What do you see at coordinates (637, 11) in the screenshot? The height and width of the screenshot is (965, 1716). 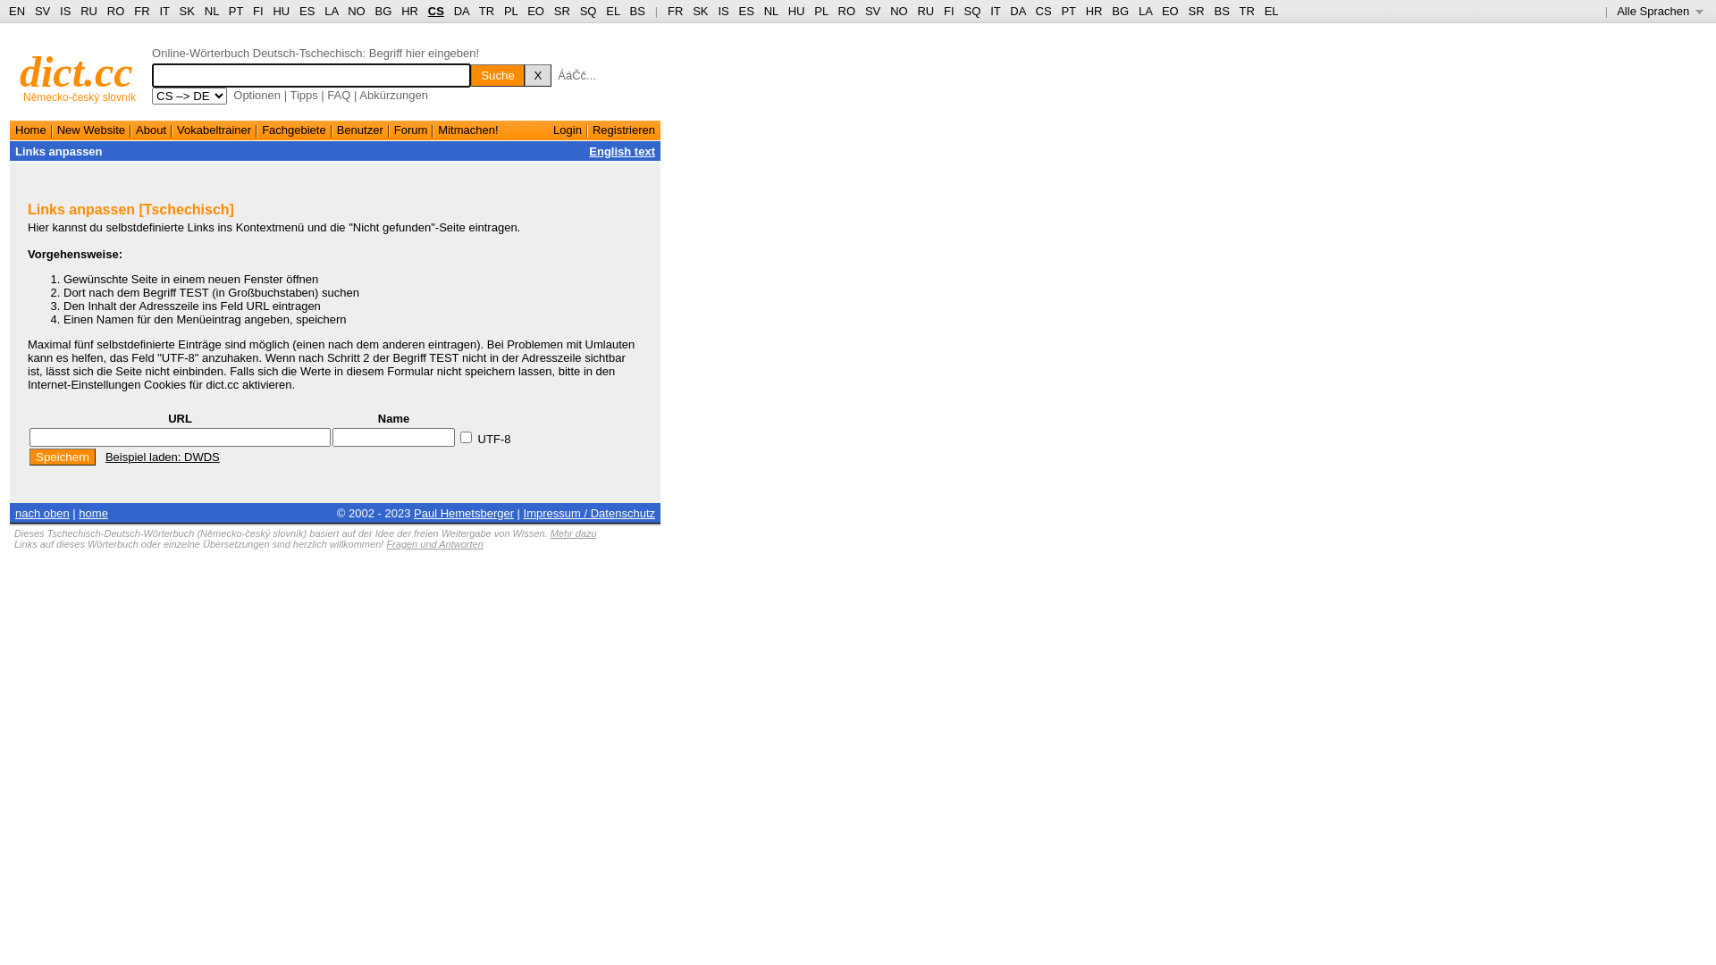 I see `'BS'` at bounding box center [637, 11].